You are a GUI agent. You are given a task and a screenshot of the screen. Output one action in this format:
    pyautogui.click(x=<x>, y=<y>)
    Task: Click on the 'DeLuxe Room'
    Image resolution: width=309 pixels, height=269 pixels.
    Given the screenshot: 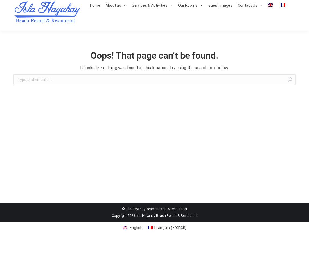 What is the action you would take?
    pyautogui.click(x=190, y=46)
    